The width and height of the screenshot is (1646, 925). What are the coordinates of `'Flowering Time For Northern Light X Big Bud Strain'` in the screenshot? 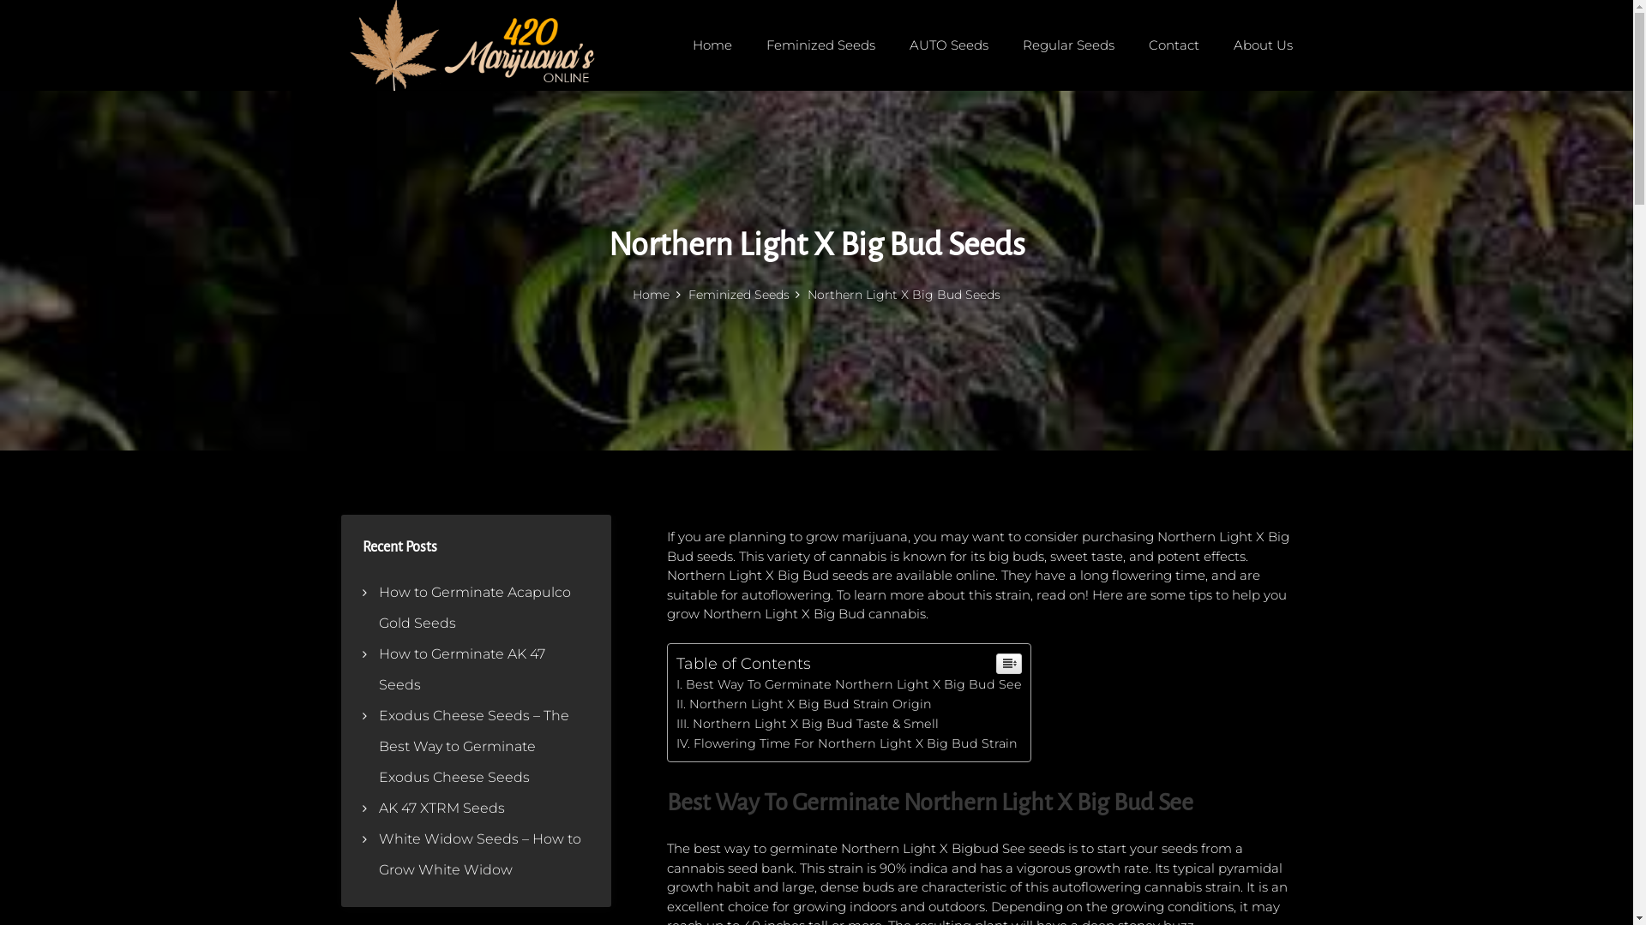 It's located at (846, 742).